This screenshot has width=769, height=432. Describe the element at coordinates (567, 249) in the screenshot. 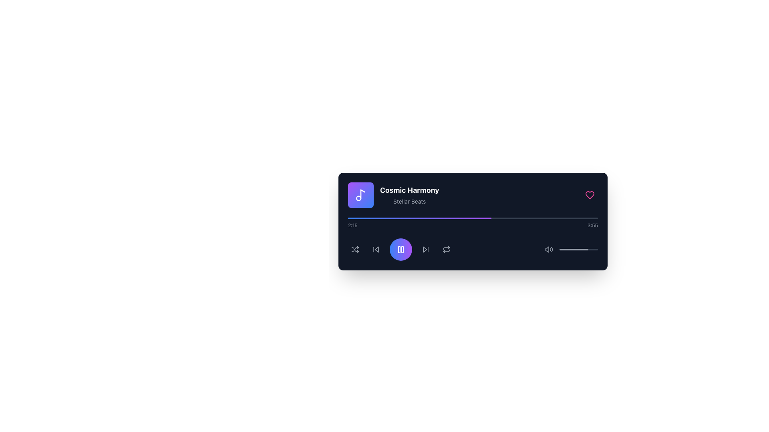

I see `the volume slider` at that location.